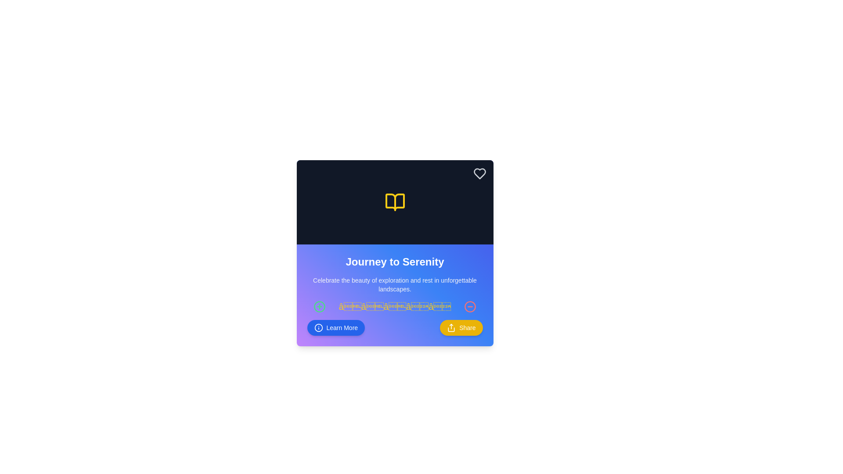 The image size is (843, 474). Describe the element at coordinates (394, 284) in the screenshot. I see `the text block that reads 'Celebrate the beauty of exploration and rest in unforgettable landscapes.' located beneath the title 'Journey to Serenity'` at that location.